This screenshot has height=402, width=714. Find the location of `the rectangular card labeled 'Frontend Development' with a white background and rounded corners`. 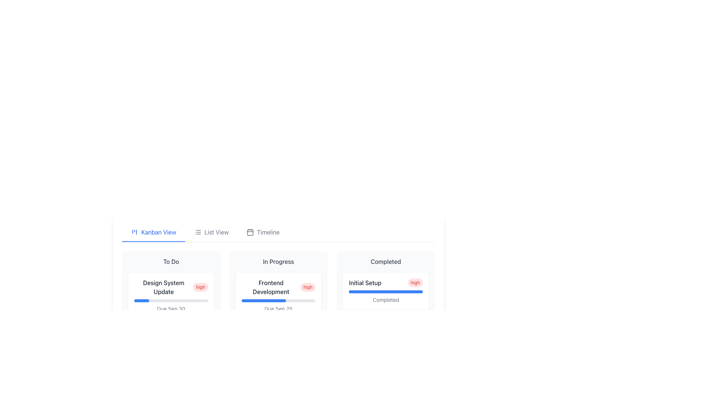

the rectangular card labeled 'Frontend Development' with a white background and rounded corners is located at coordinates (278, 312).